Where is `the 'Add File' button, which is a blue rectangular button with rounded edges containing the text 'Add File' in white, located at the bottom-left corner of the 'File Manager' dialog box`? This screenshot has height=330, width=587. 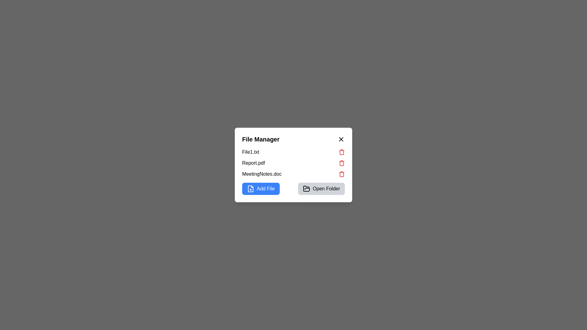
the 'Add File' button, which is a blue rectangular button with rounded edges containing the text 'Add File' in white, located at the bottom-left corner of the 'File Manager' dialog box is located at coordinates (266, 188).